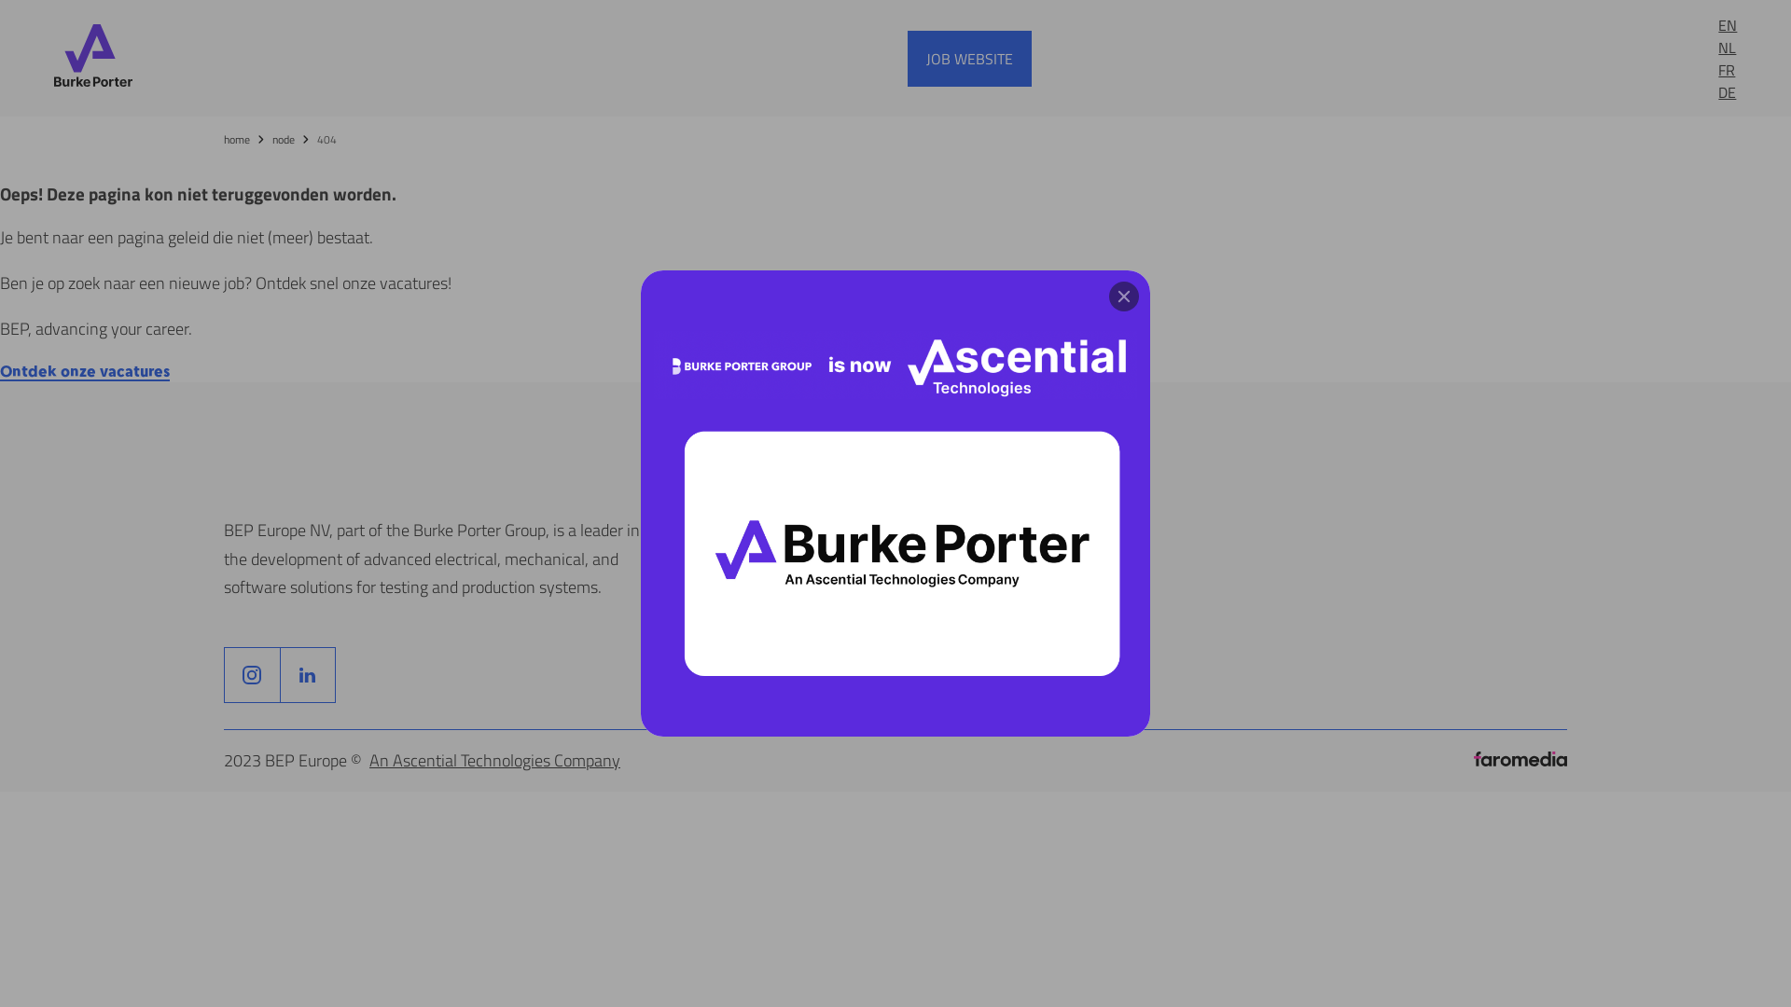  Describe the element at coordinates (0, 0) in the screenshot. I see `'Skip to main content'` at that location.